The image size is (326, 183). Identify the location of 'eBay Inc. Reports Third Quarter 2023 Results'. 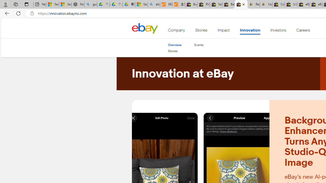
(316, 4).